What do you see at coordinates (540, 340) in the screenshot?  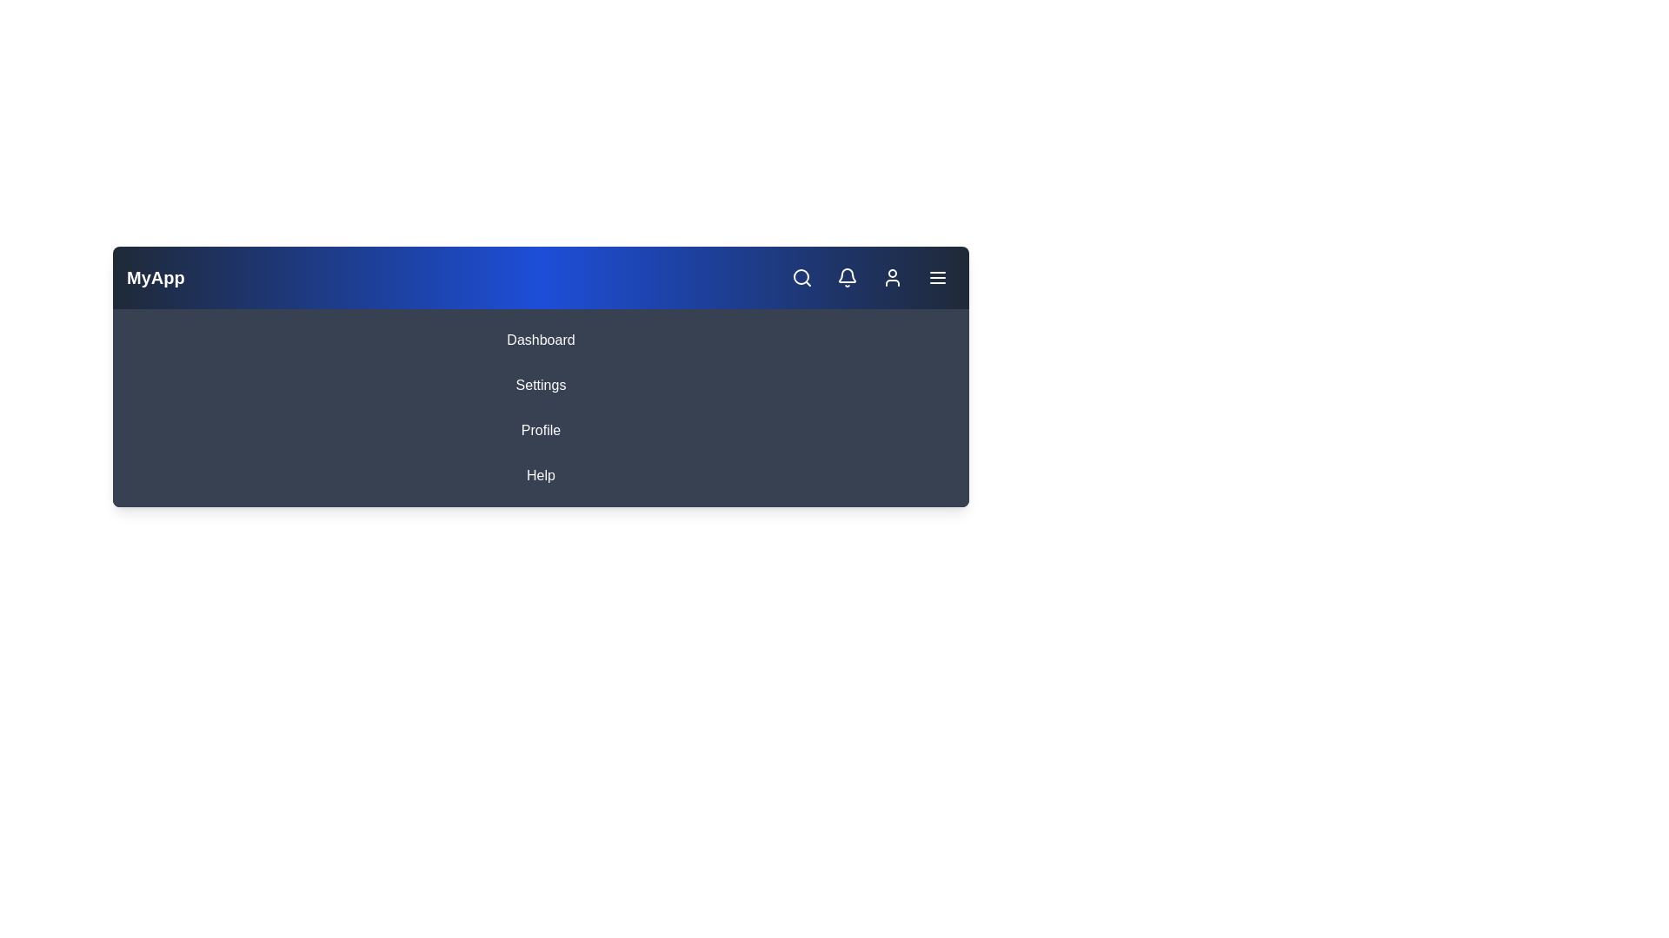 I see `the navigation item Dashboard in the menu` at bounding box center [540, 340].